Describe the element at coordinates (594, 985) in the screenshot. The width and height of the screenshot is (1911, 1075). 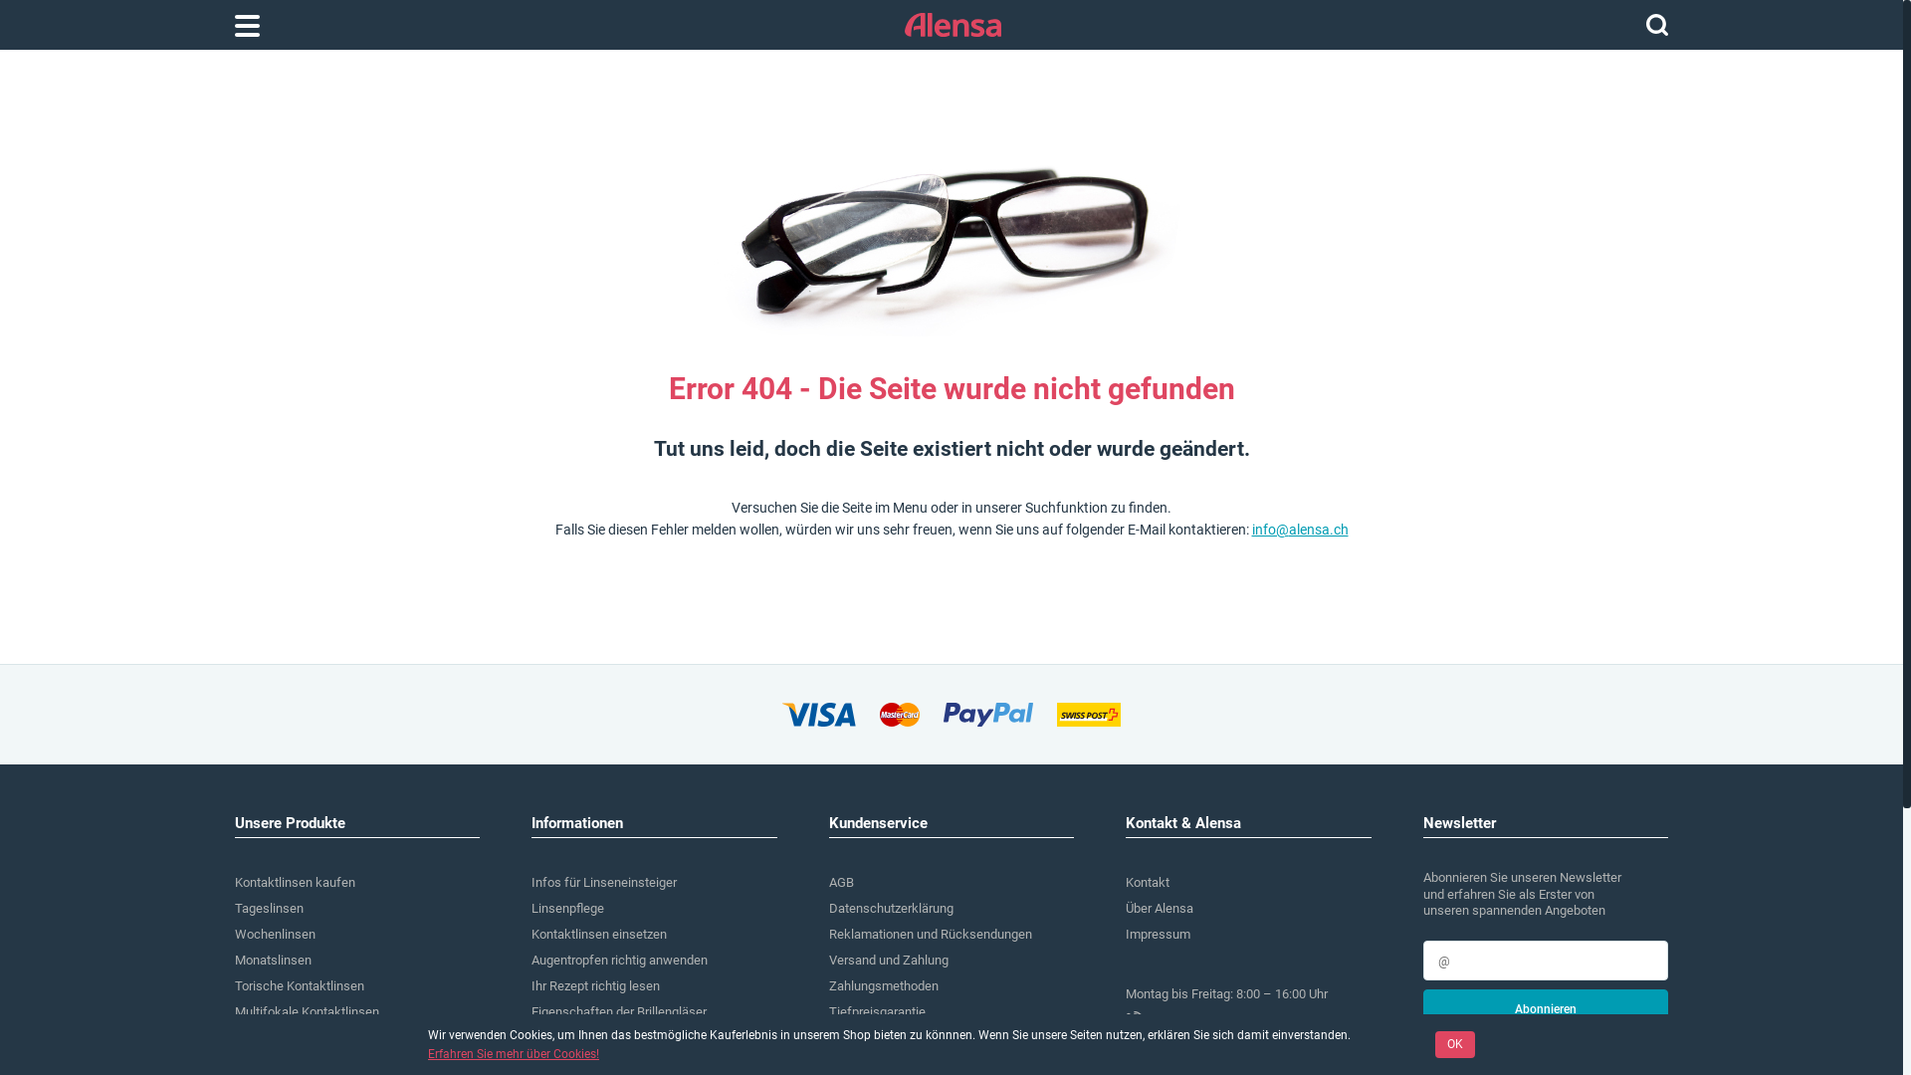
I see `'Ihr Rezept richtig lesen'` at that location.